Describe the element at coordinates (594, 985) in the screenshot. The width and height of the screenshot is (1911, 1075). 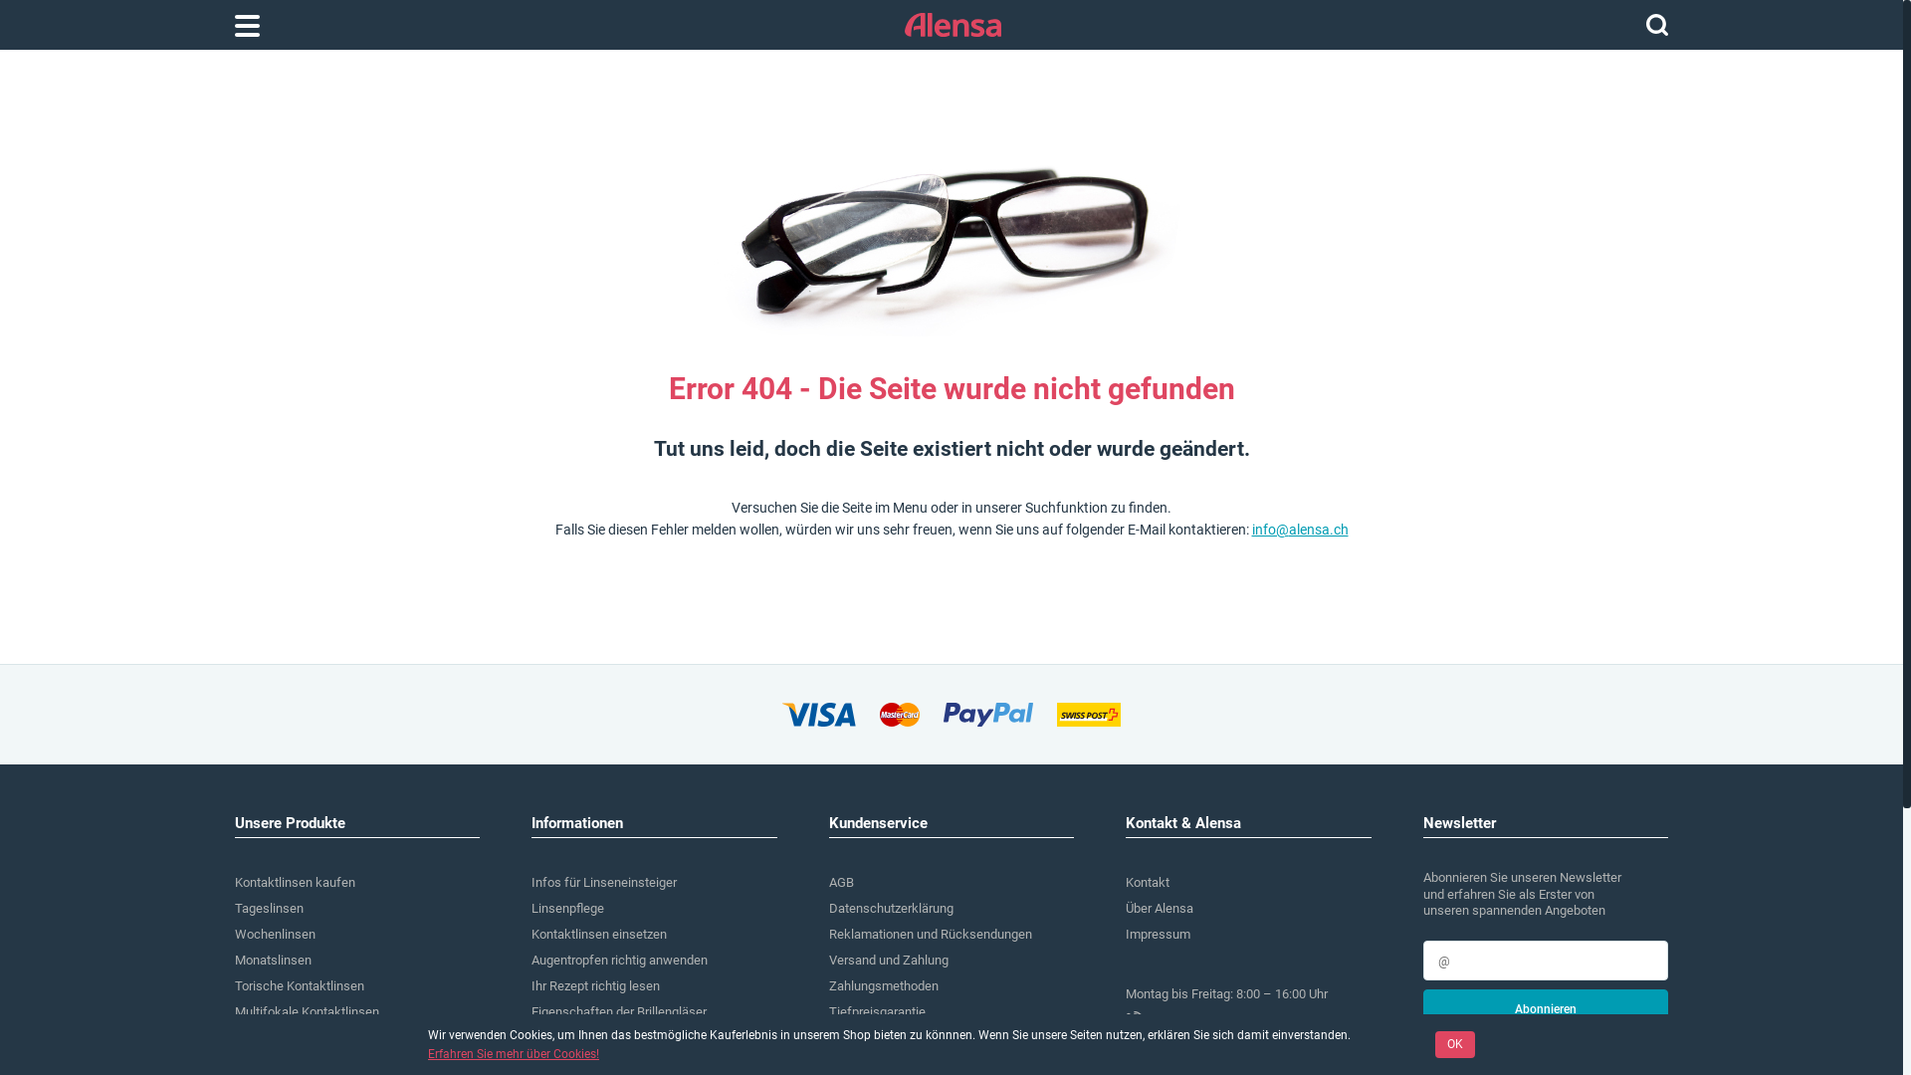
I see `'Ihr Rezept richtig lesen'` at that location.